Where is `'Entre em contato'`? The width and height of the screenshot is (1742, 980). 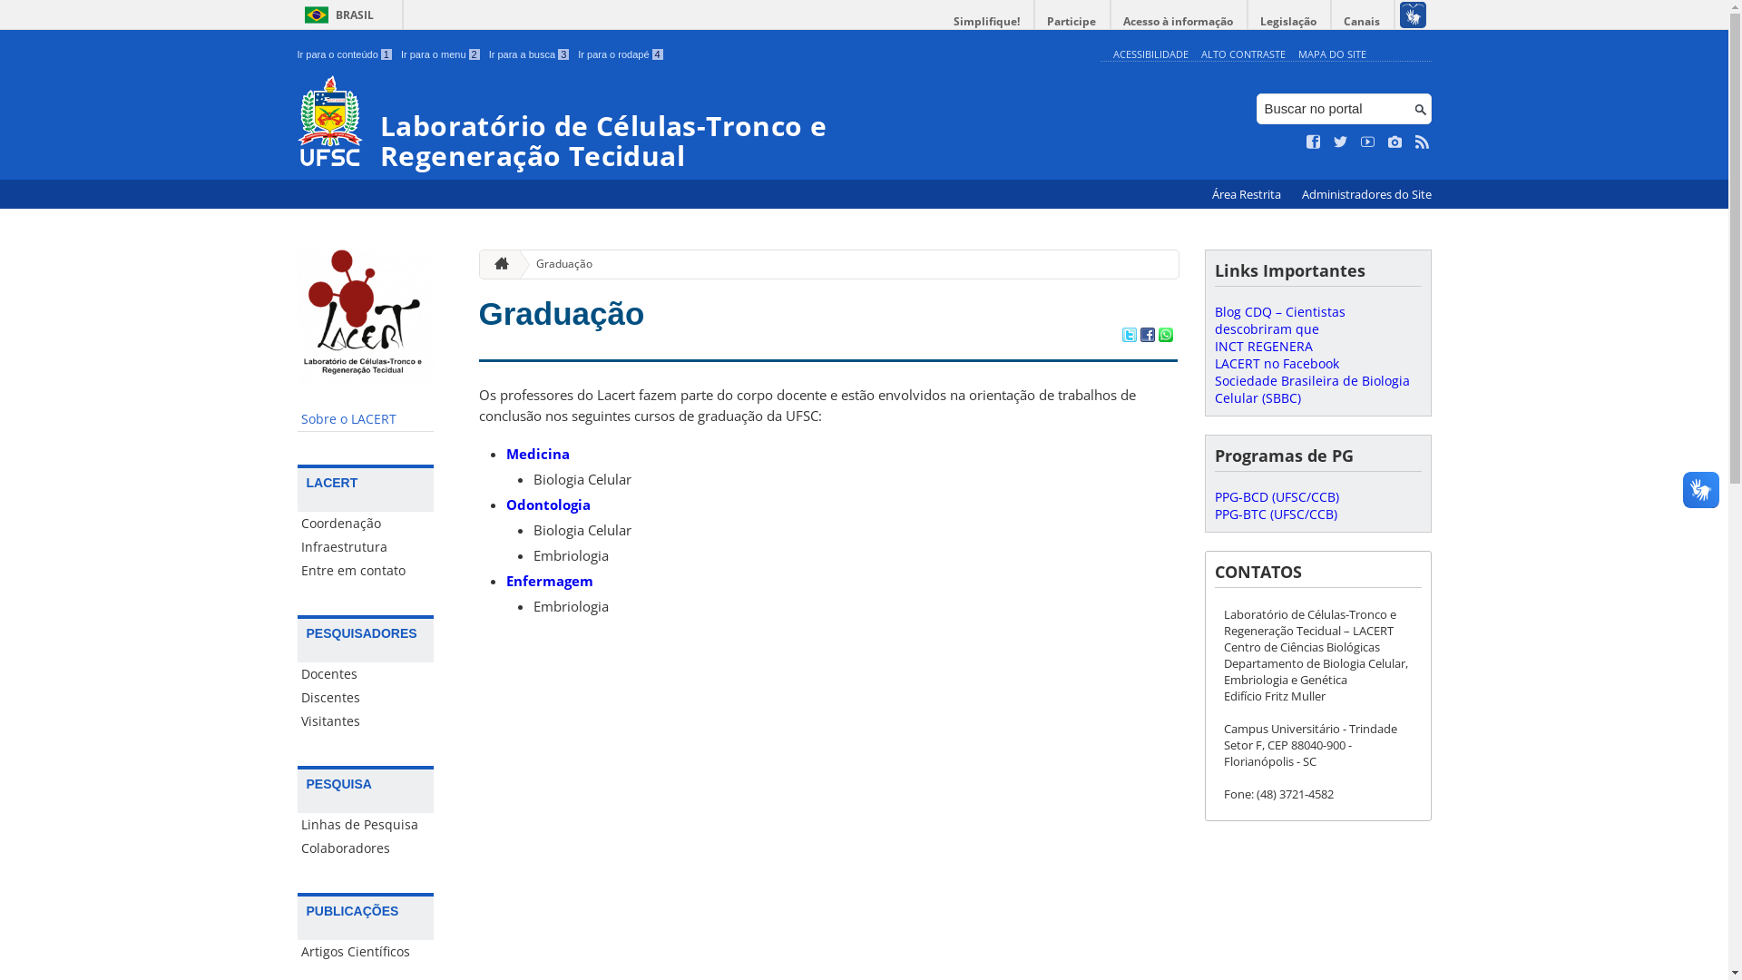
'Entre em contato' is located at coordinates (365, 569).